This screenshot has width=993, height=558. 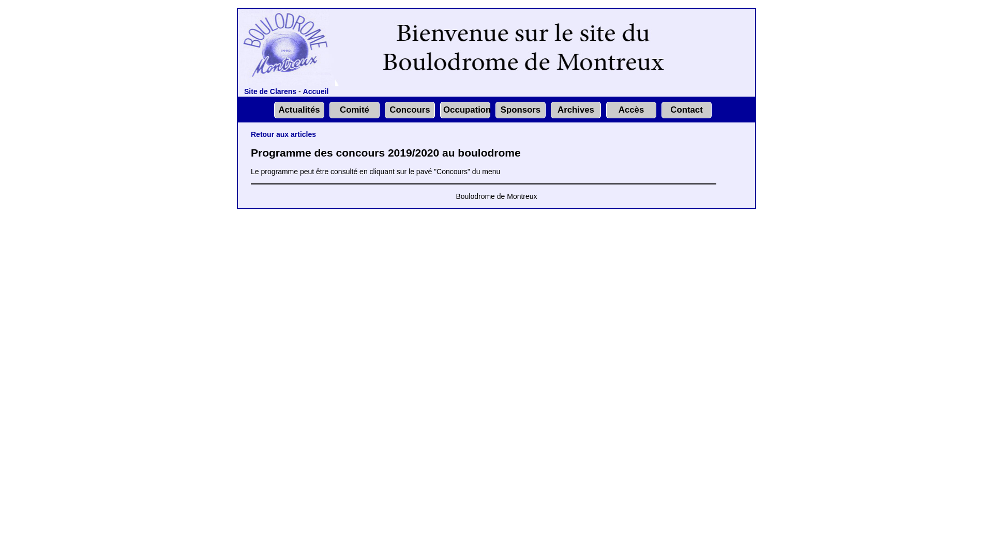 What do you see at coordinates (315, 91) in the screenshot?
I see `'Accueil'` at bounding box center [315, 91].